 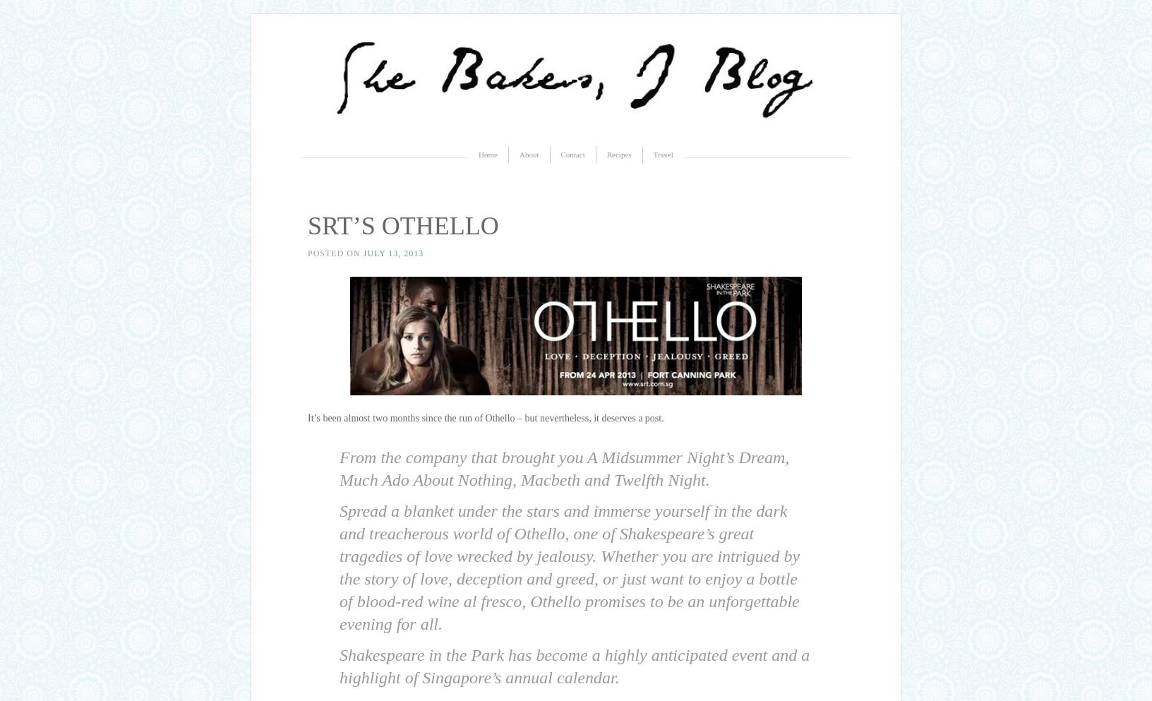 I want to click on 'Travel', so click(x=663, y=154).